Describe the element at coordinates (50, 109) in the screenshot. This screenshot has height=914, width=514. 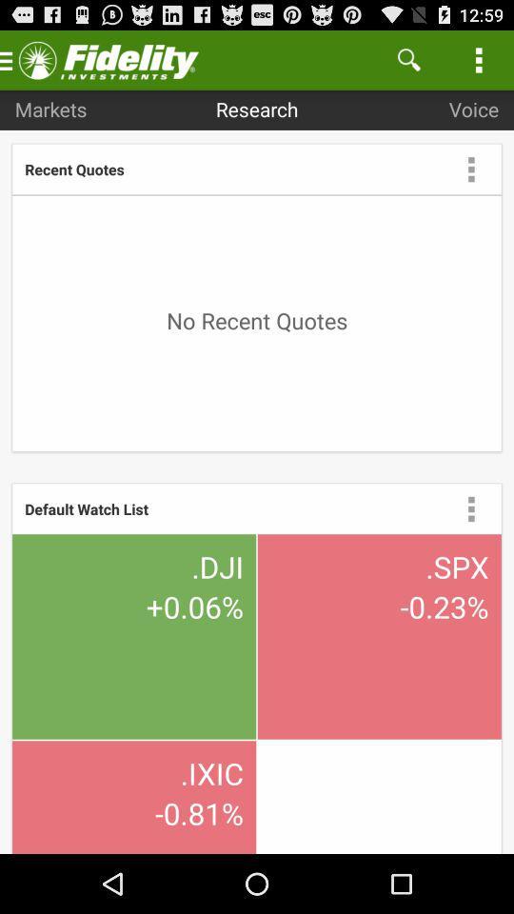
I see `app above recent quotes icon` at that location.